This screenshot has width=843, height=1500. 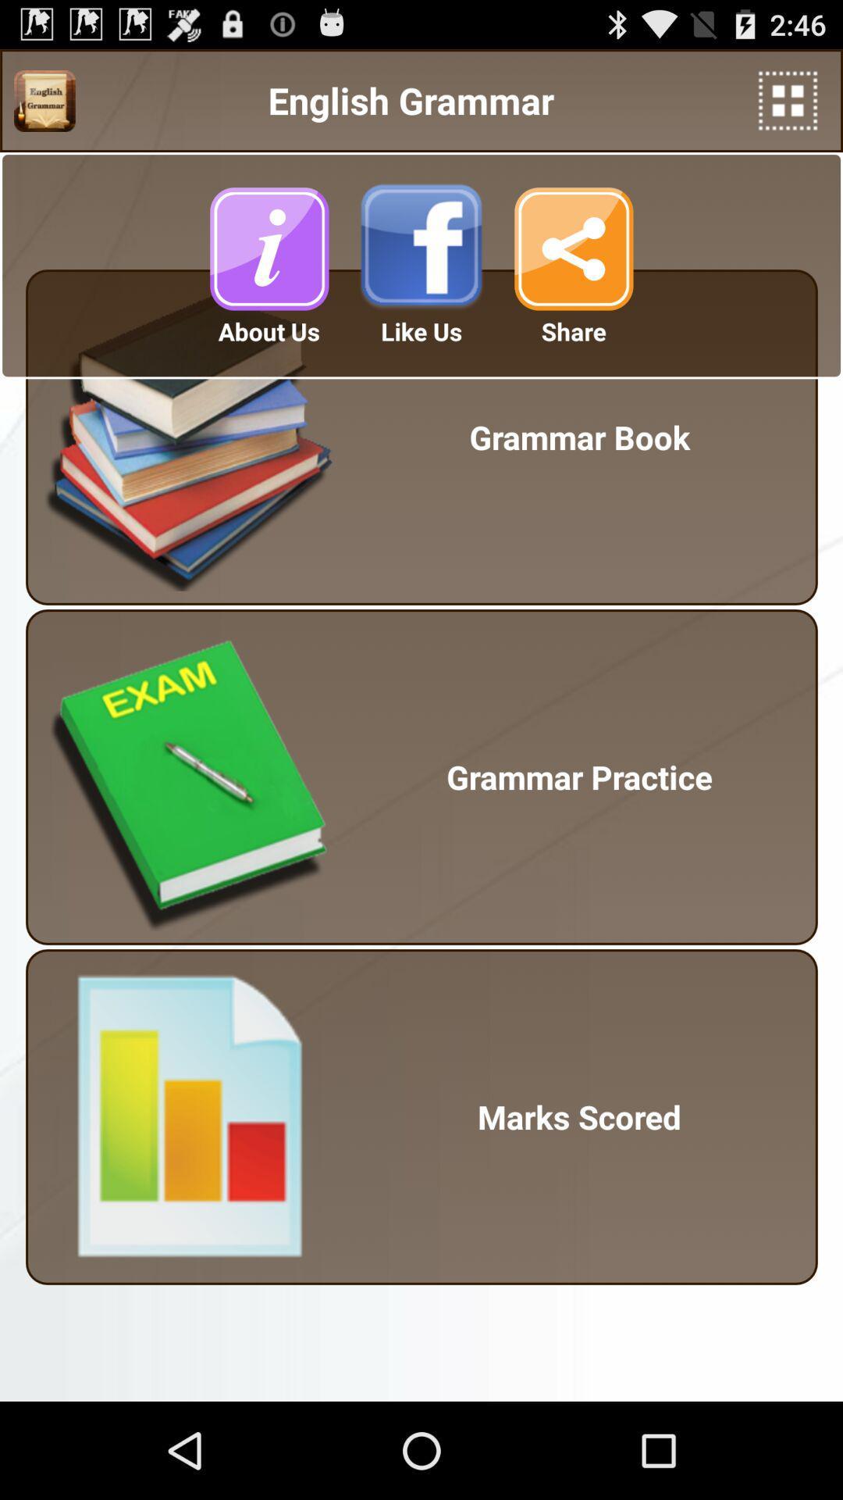 I want to click on the button is used to share the page to others, so click(x=574, y=248).